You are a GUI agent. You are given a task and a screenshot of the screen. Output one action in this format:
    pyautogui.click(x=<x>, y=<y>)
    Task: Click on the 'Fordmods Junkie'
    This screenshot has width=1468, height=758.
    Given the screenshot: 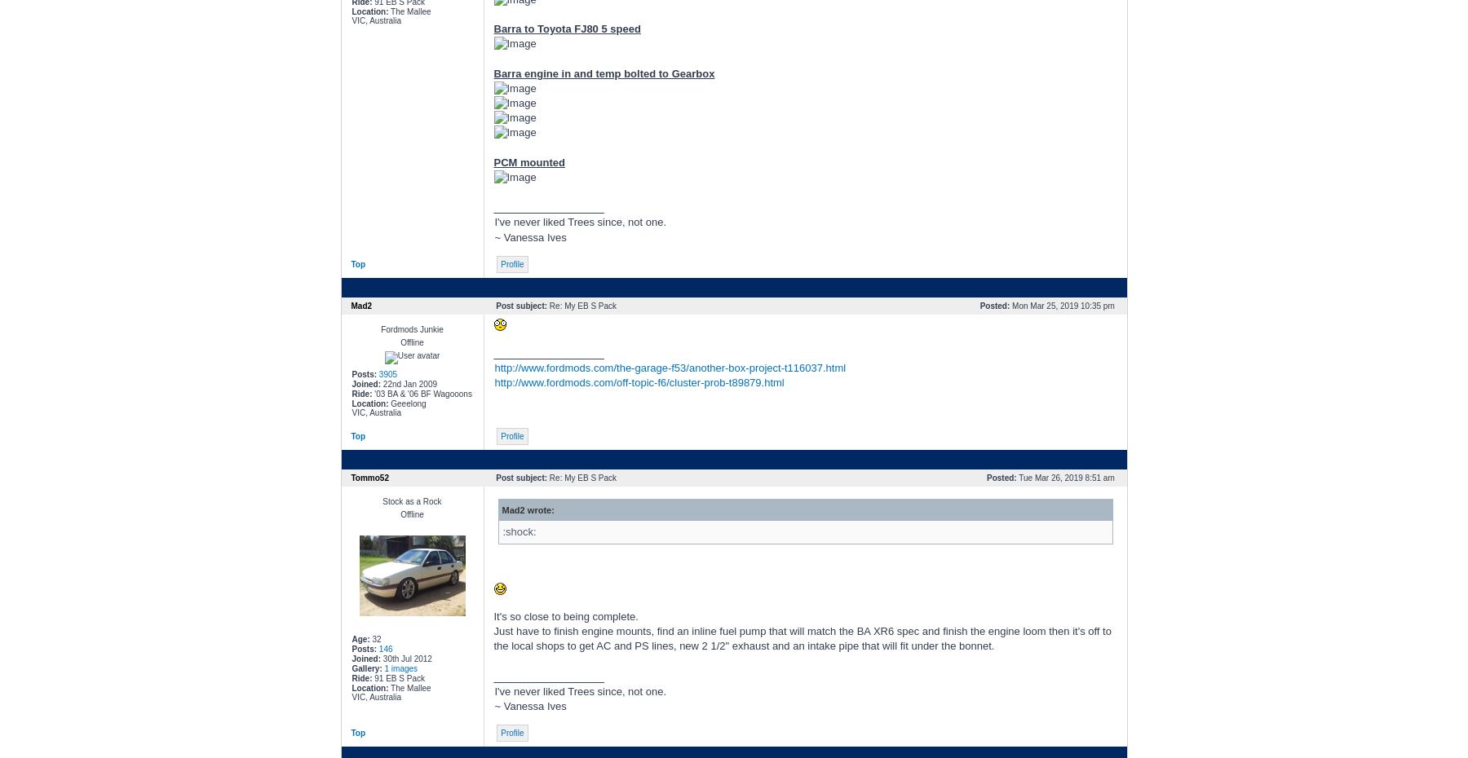 What is the action you would take?
    pyautogui.click(x=411, y=328)
    